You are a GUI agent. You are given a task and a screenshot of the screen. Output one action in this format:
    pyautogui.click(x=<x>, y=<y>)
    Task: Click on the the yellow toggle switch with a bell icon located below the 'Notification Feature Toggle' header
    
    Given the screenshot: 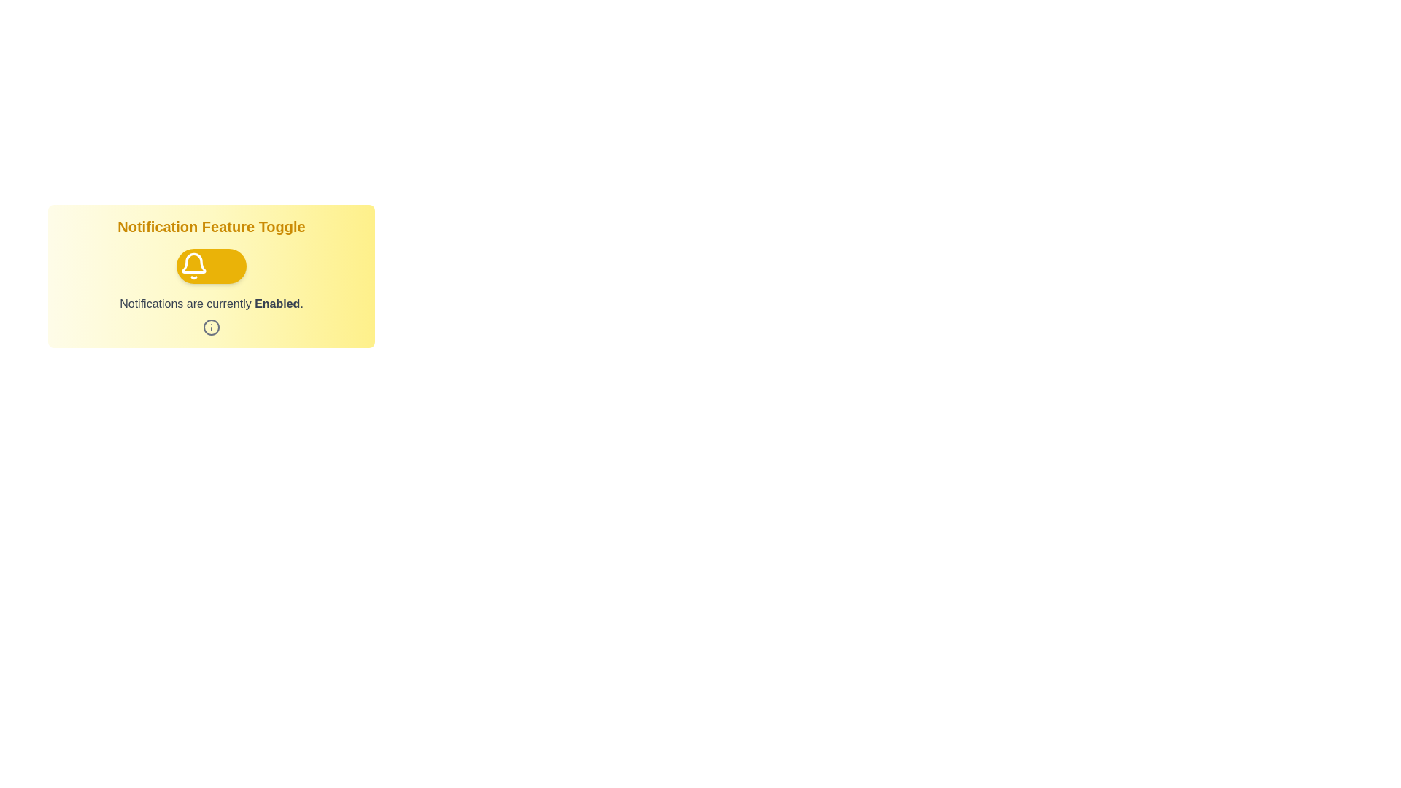 What is the action you would take?
    pyautogui.click(x=210, y=276)
    